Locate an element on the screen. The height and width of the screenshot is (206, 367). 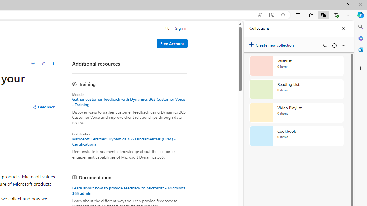
'Edit' is located at coordinates (43, 64).